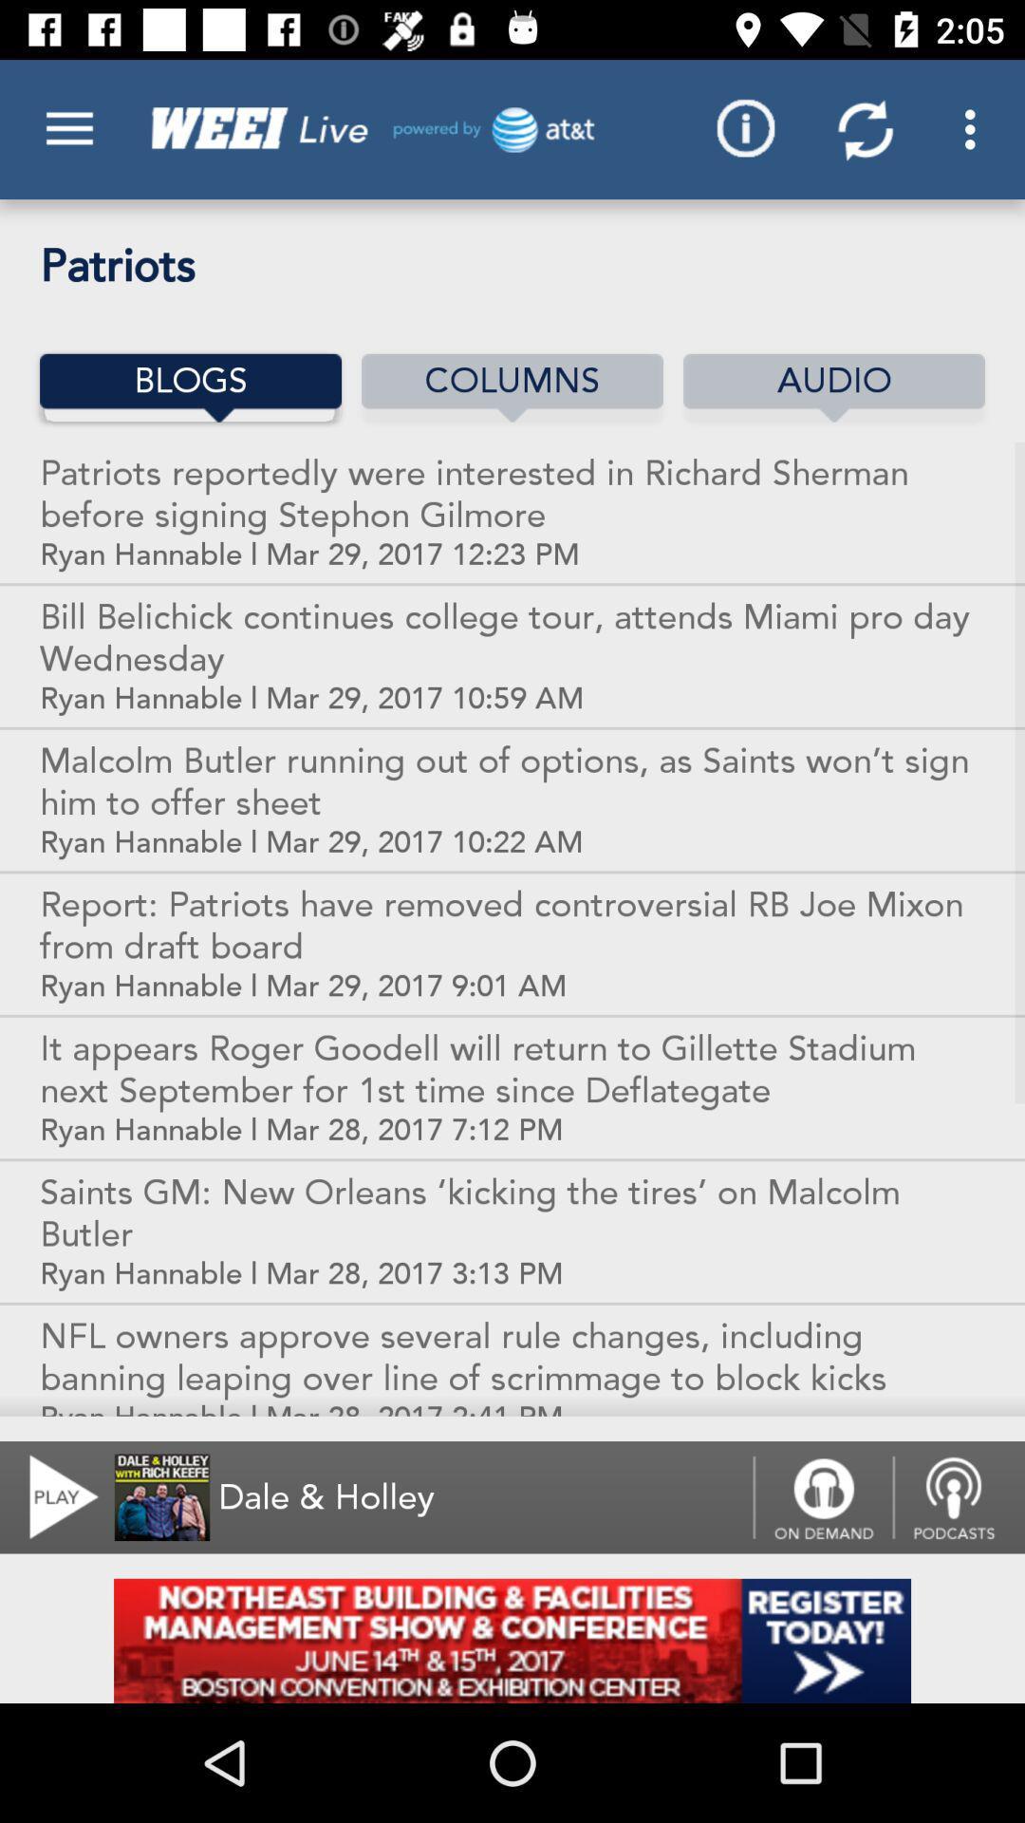 This screenshot has width=1025, height=1823. Describe the element at coordinates (822, 1496) in the screenshot. I see `the lock icon` at that location.